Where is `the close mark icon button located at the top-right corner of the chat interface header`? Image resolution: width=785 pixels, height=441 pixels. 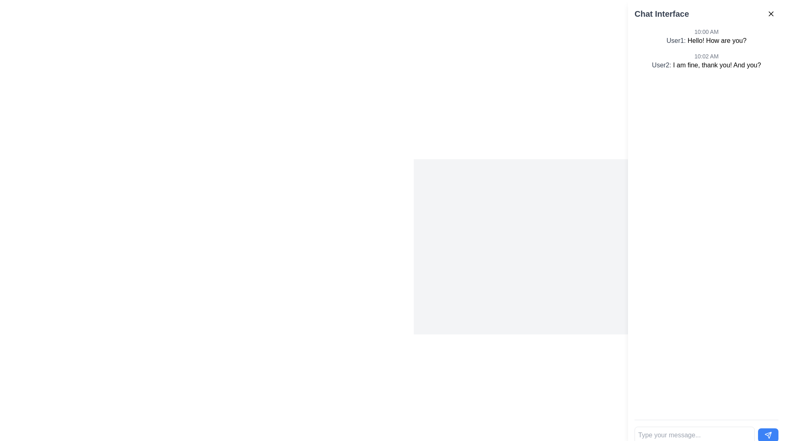
the close mark icon button located at the top-right corner of the chat interface header is located at coordinates (771, 14).